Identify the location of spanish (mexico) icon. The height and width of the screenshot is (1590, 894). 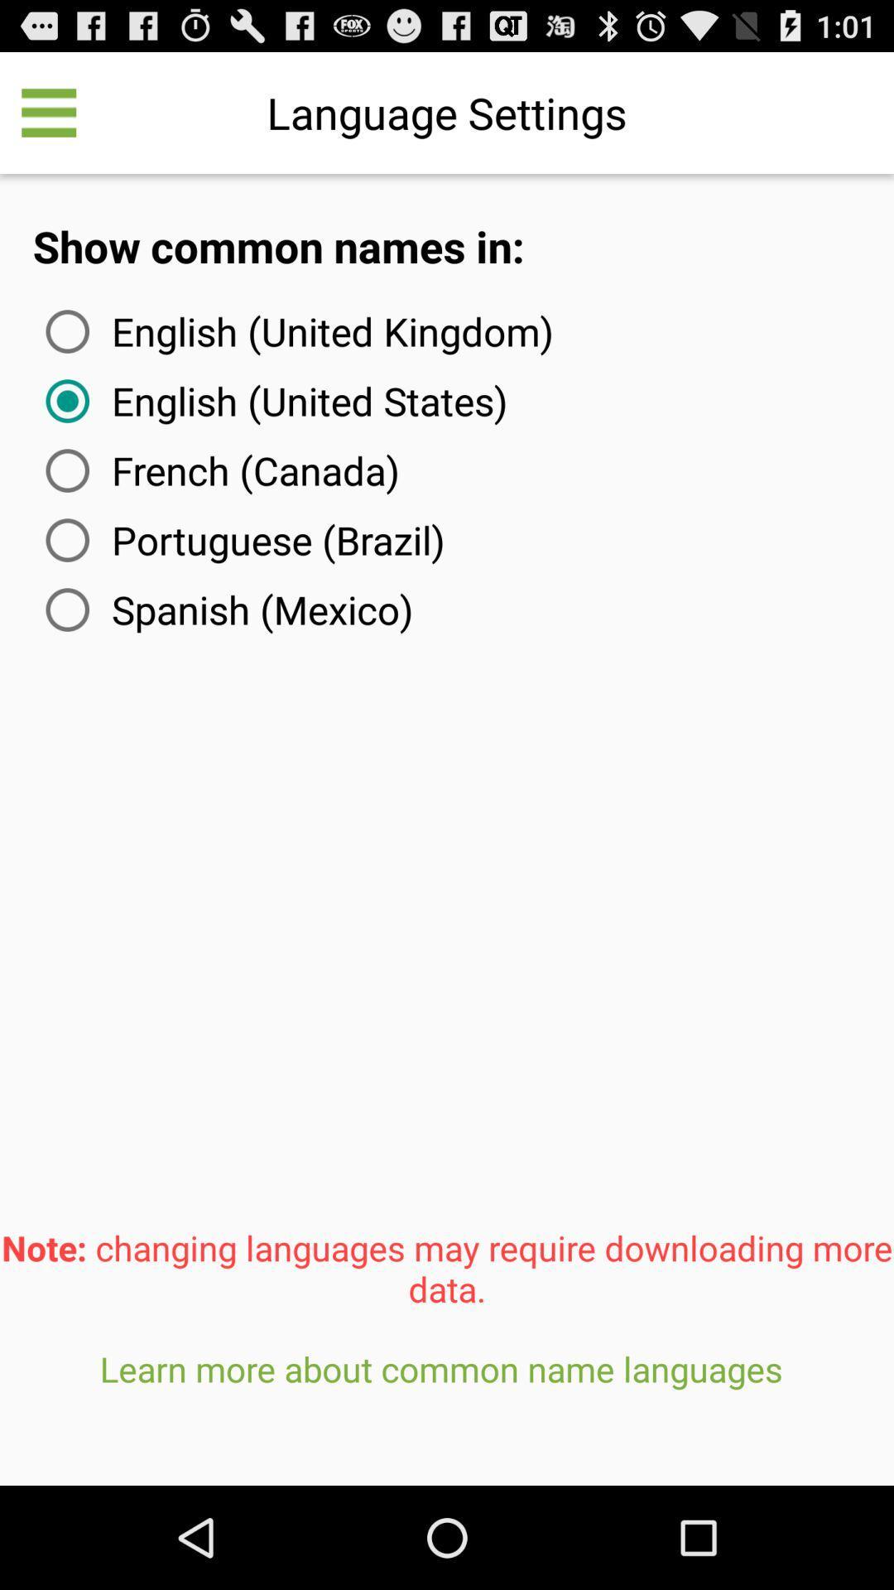
(226, 609).